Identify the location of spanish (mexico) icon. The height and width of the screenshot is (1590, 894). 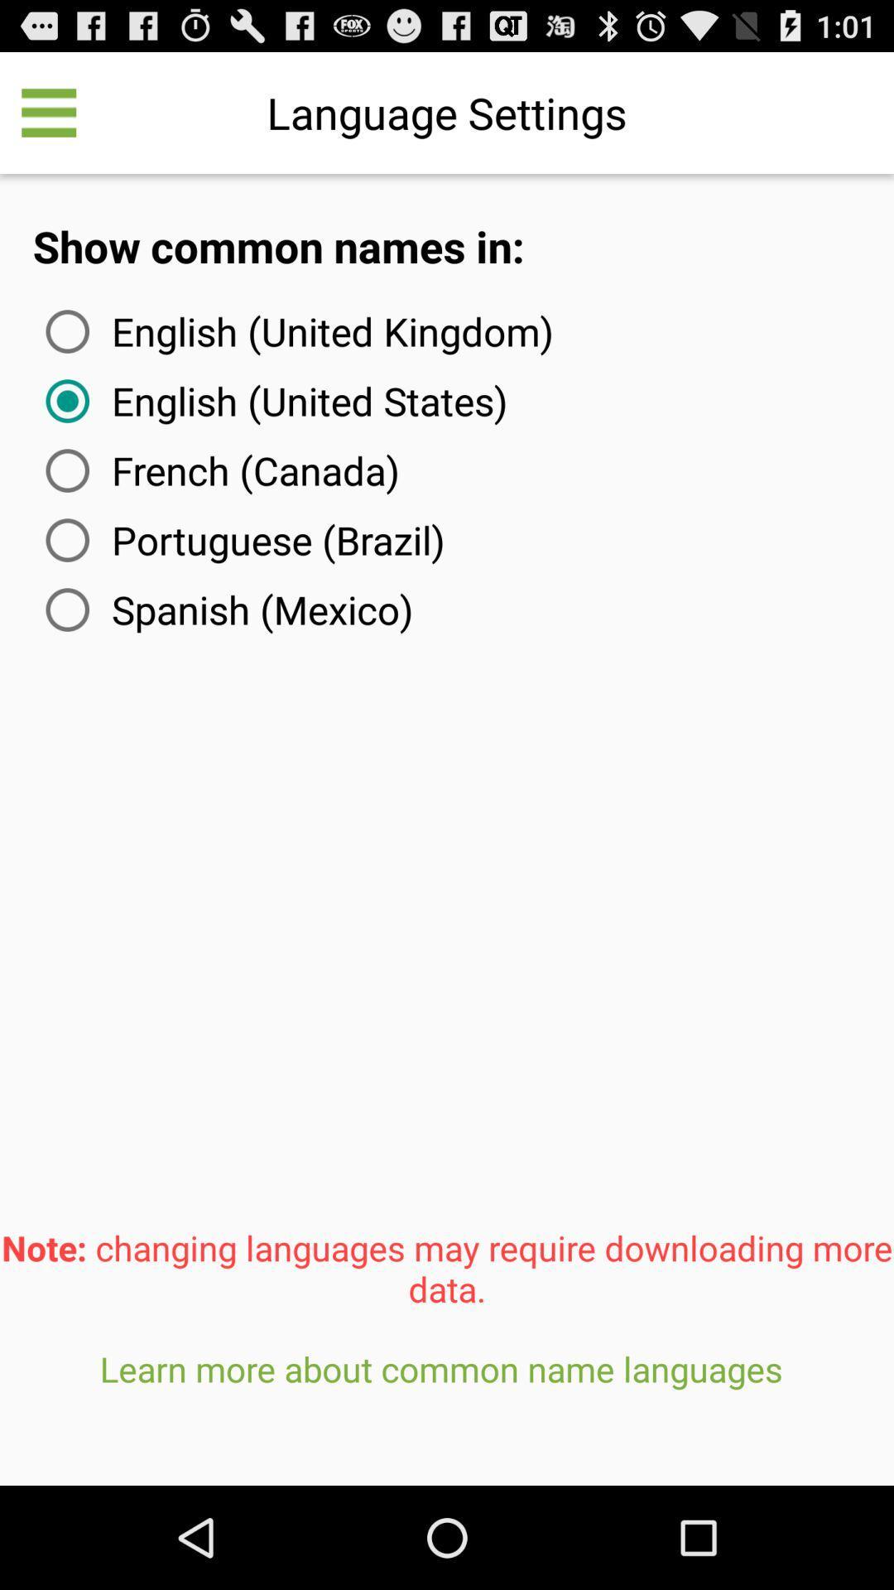
(226, 609).